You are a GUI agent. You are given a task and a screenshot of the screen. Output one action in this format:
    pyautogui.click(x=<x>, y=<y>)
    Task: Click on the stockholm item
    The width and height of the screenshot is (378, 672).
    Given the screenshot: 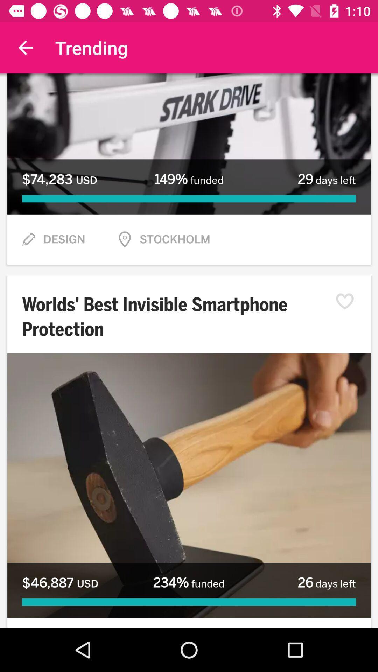 What is the action you would take?
    pyautogui.click(x=175, y=239)
    